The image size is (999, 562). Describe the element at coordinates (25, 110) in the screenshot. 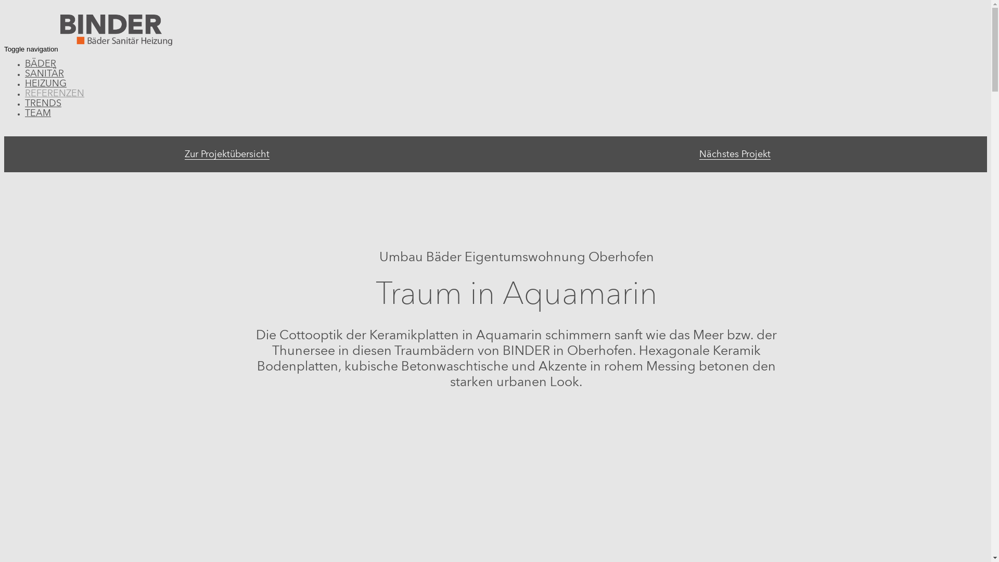

I see `'TEAM'` at that location.